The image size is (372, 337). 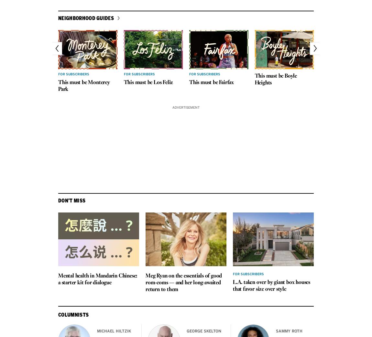 I want to click on 'This must be Monterey Park', so click(x=83, y=85).